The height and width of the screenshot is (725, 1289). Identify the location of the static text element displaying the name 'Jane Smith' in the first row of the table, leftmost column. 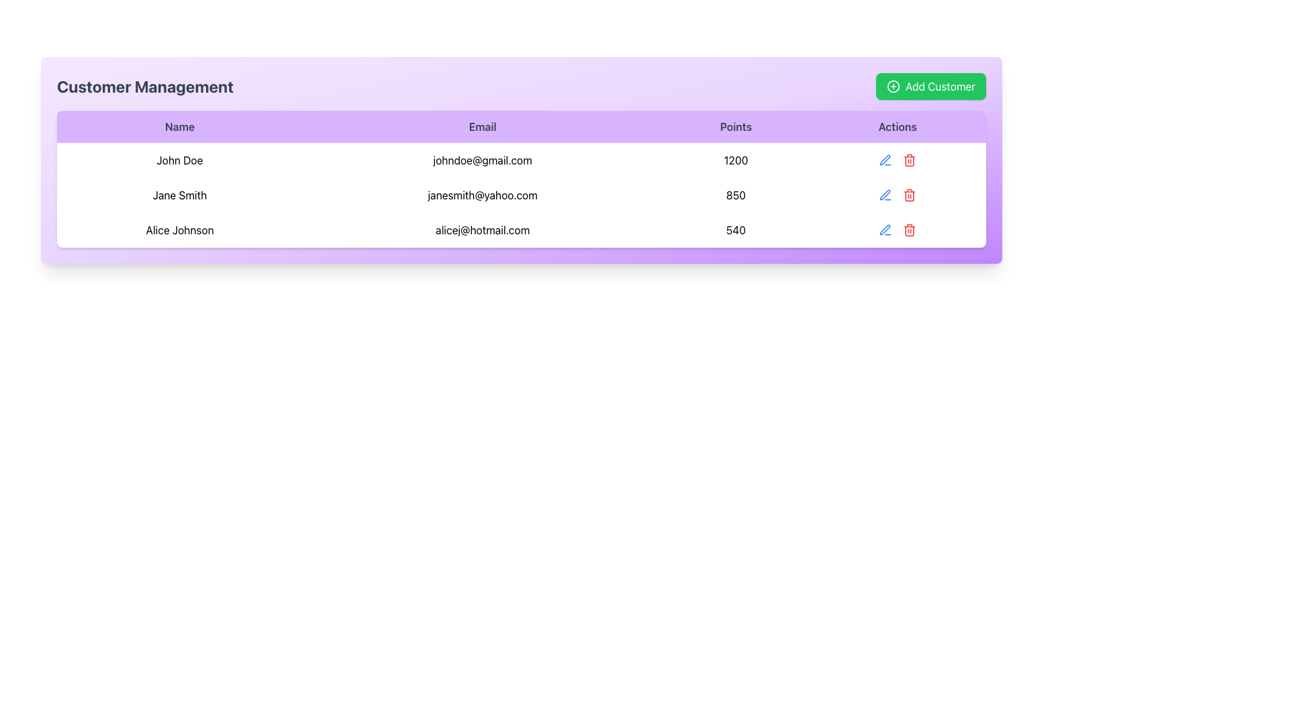
(179, 195).